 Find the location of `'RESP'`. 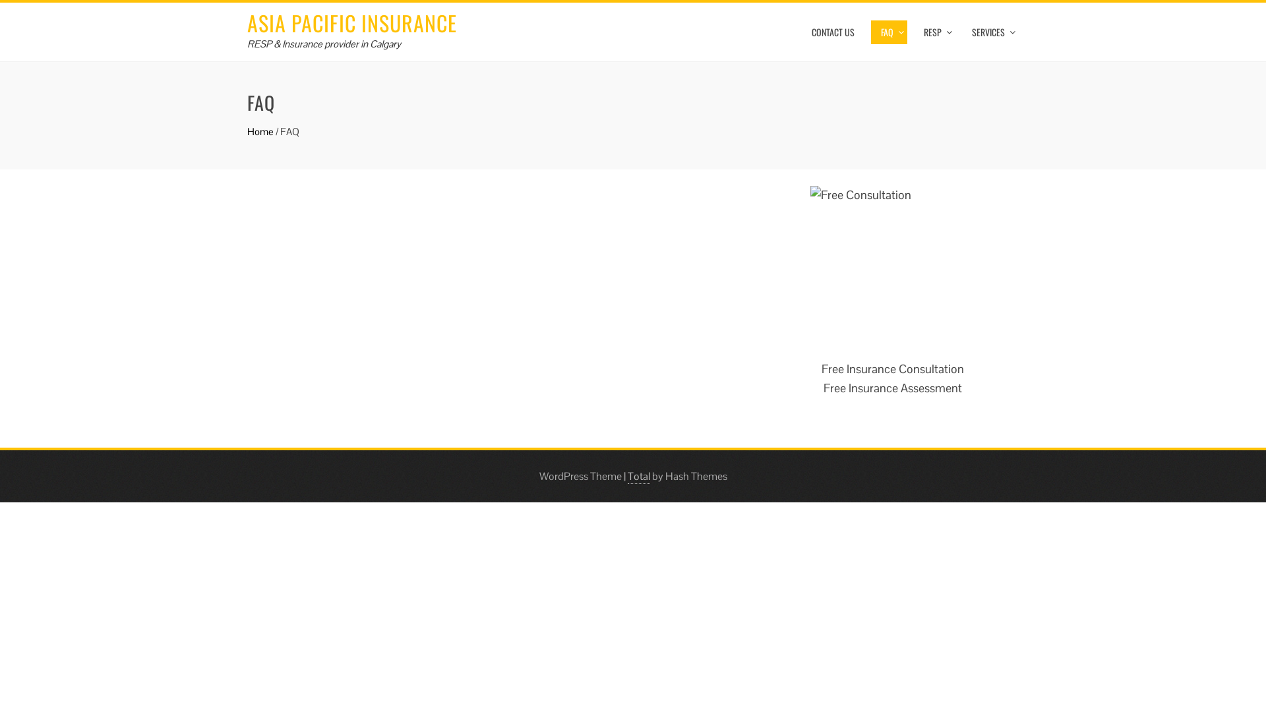

'RESP' is located at coordinates (913, 32).